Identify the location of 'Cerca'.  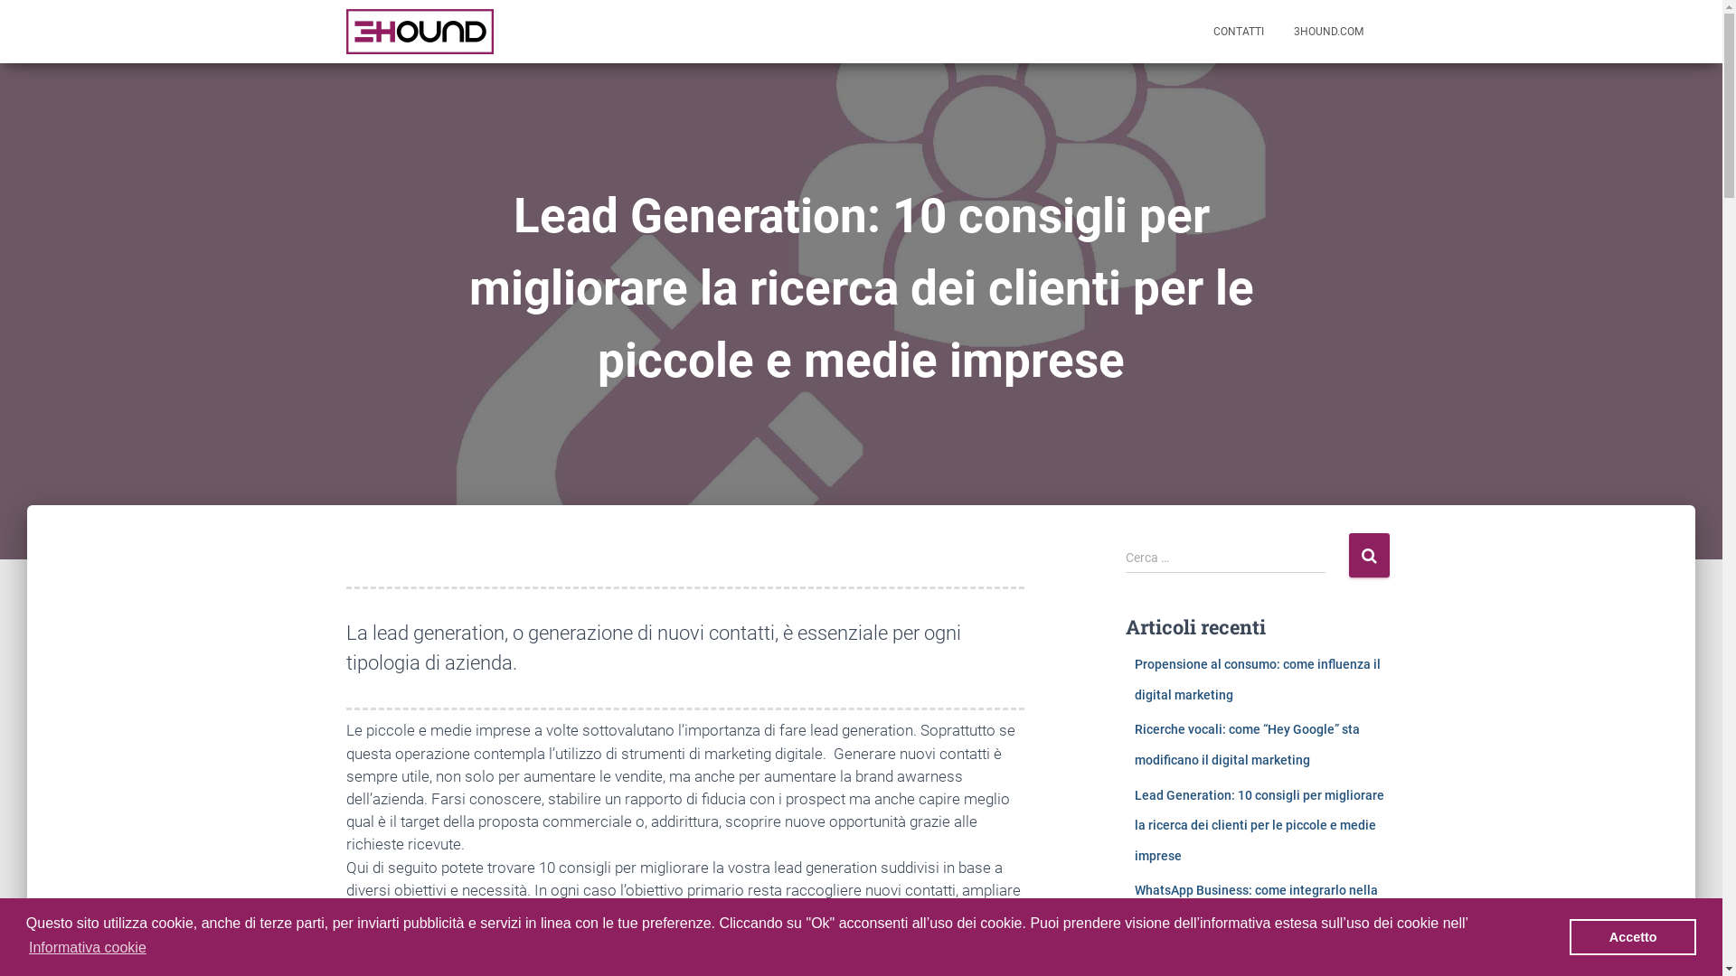
(1369, 554).